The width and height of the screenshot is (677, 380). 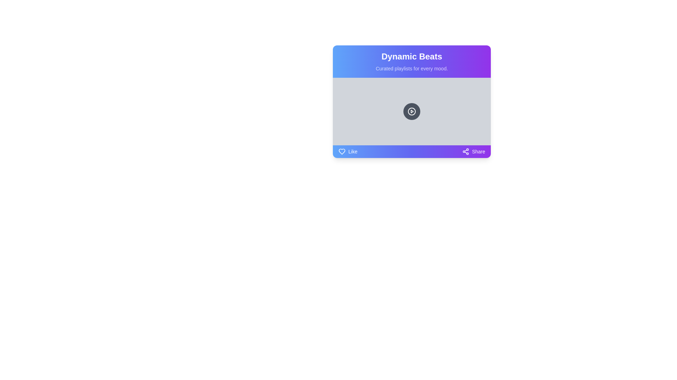 I want to click on the text label that clarifies the action of 'liking', located to the right of the heart icon in the lower left section of the 'Dynamic Beats' card interface, so click(x=353, y=151).